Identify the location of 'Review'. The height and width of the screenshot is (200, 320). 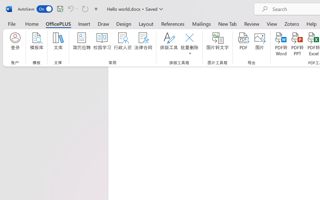
(252, 23).